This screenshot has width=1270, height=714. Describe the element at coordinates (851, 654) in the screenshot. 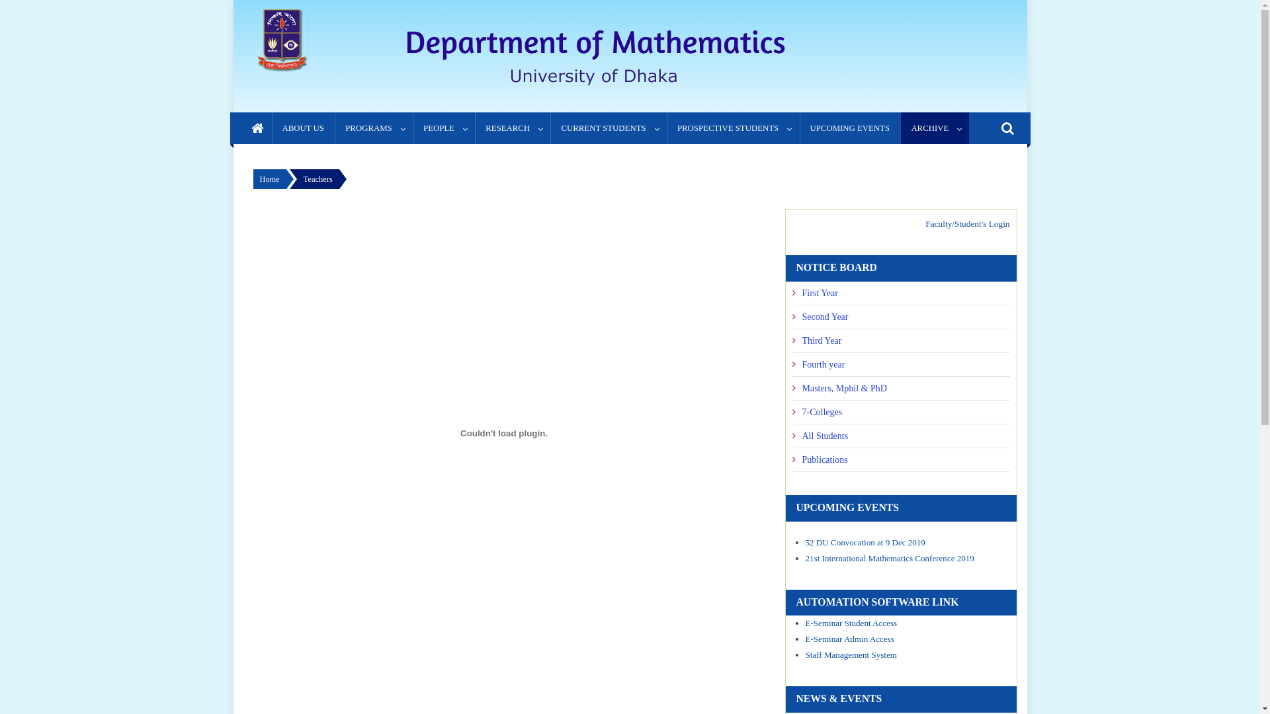

I see `'Staff Management System'` at that location.